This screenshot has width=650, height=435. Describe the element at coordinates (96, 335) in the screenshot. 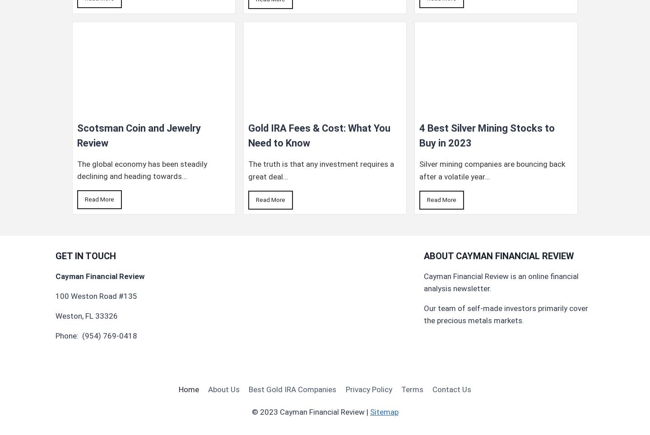

I see `'Phone:  (954) 769-0418'` at that location.